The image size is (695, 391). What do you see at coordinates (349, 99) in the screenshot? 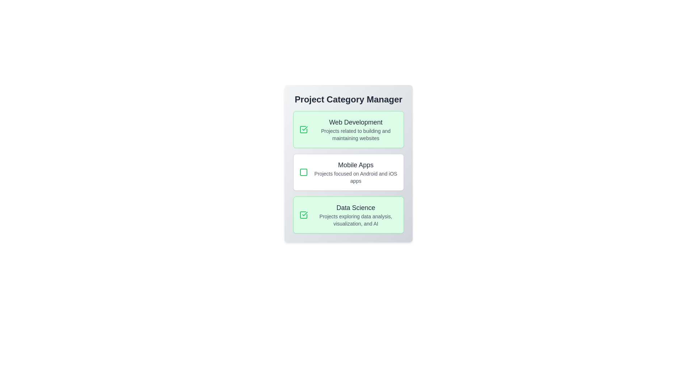
I see `the Text heading element that serves as a title for categorized projects, located at the top of the layout, centered horizontally` at bounding box center [349, 99].